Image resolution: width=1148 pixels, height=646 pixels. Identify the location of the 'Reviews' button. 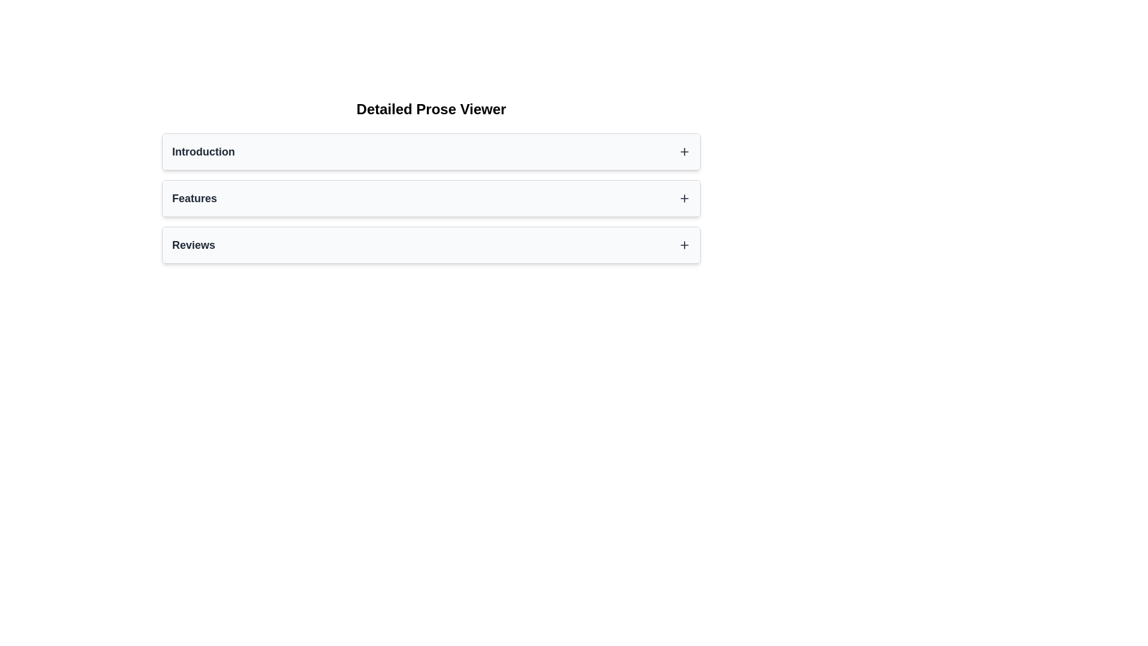
(430, 244).